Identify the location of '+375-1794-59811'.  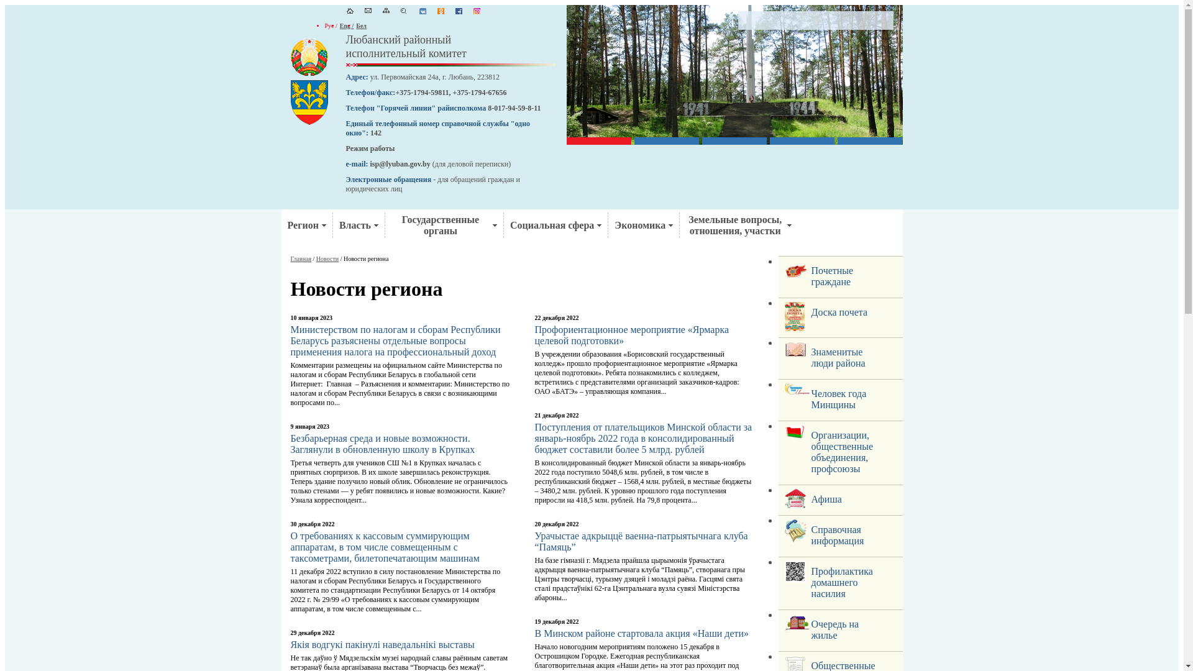
(421, 92).